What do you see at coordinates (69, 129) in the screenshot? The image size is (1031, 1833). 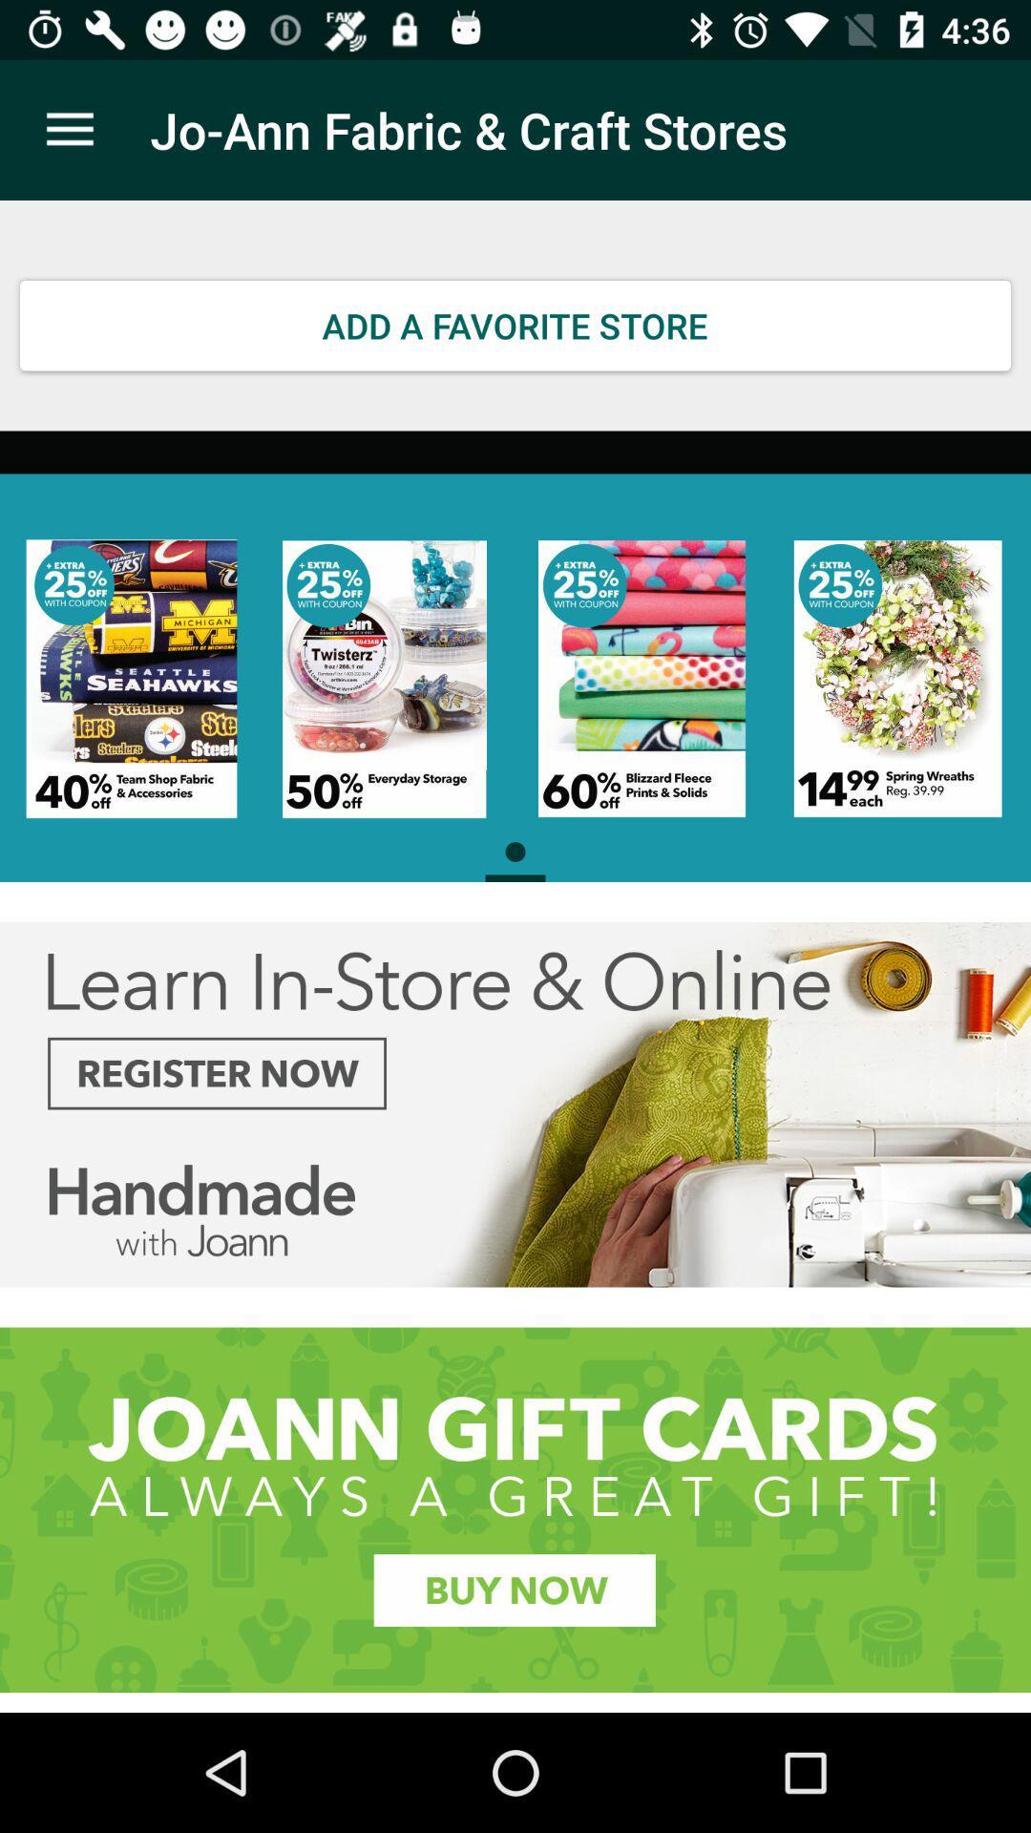 I see `icon to the left of jo ann fabric app` at bounding box center [69, 129].